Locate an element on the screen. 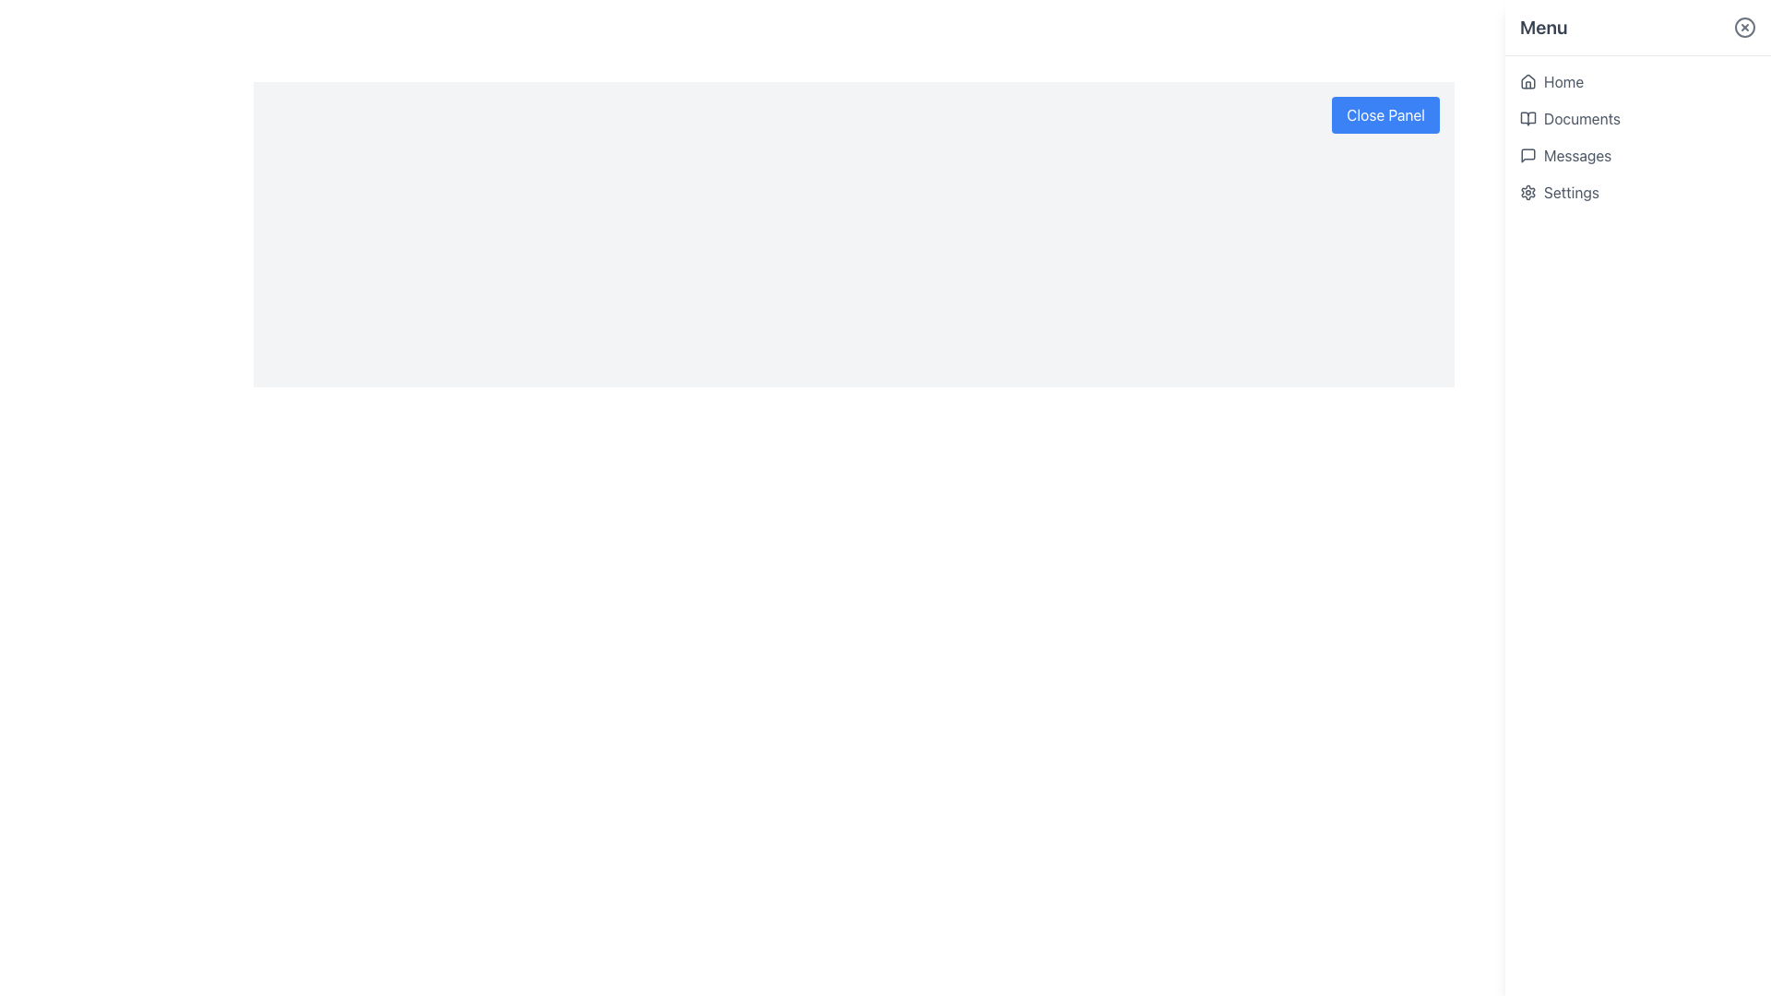 This screenshot has height=996, width=1771. the close button located at the top-right corner of the menu panel is located at coordinates (1743, 28).